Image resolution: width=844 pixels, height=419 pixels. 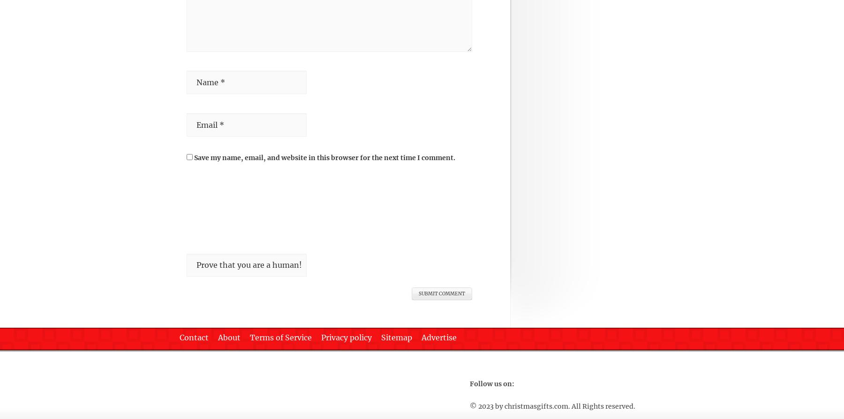 I want to click on 'Save my name, email, and website in this browser for the next time I comment.', so click(x=324, y=157).